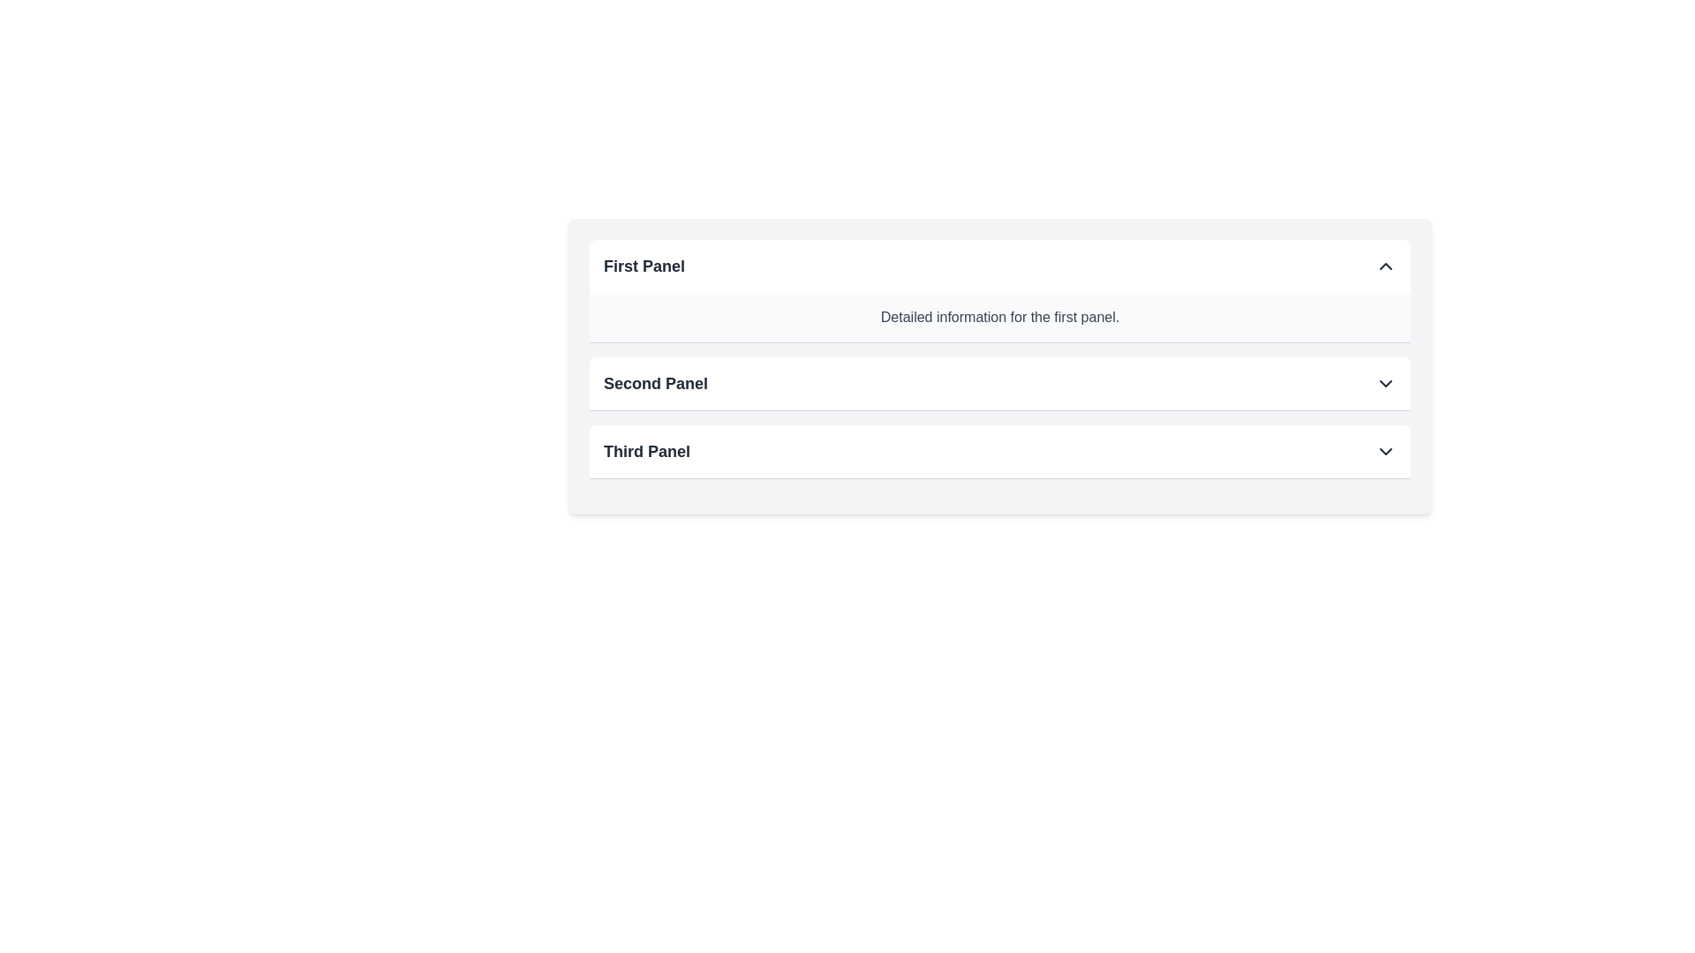 Image resolution: width=1695 pixels, height=953 pixels. What do you see at coordinates (646, 451) in the screenshot?
I see `the static text label that identifies the 'Third Panel' section, located in the header towards the left side, to the left of the expand/collapse icon` at bounding box center [646, 451].